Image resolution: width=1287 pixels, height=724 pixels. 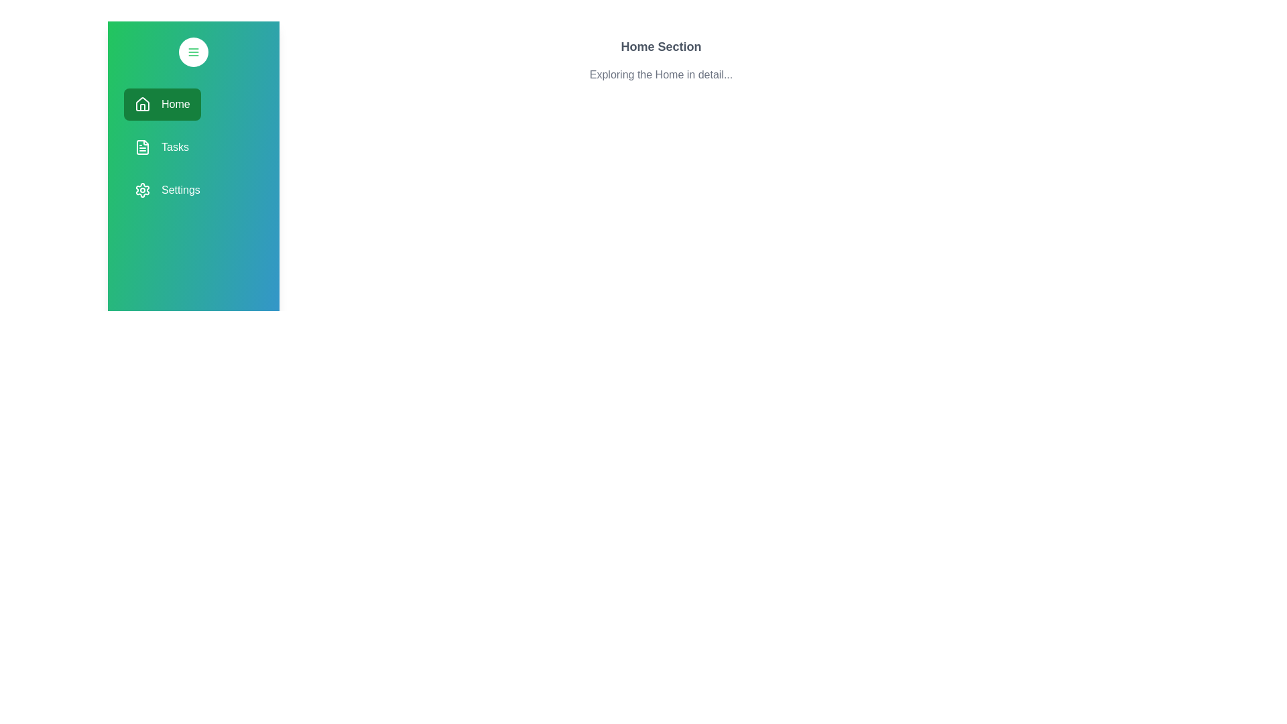 What do you see at coordinates (142, 190) in the screenshot?
I see `the gear-shaped settings icon located in the vertical navigation sidebar` at bounding box center [142, 190].